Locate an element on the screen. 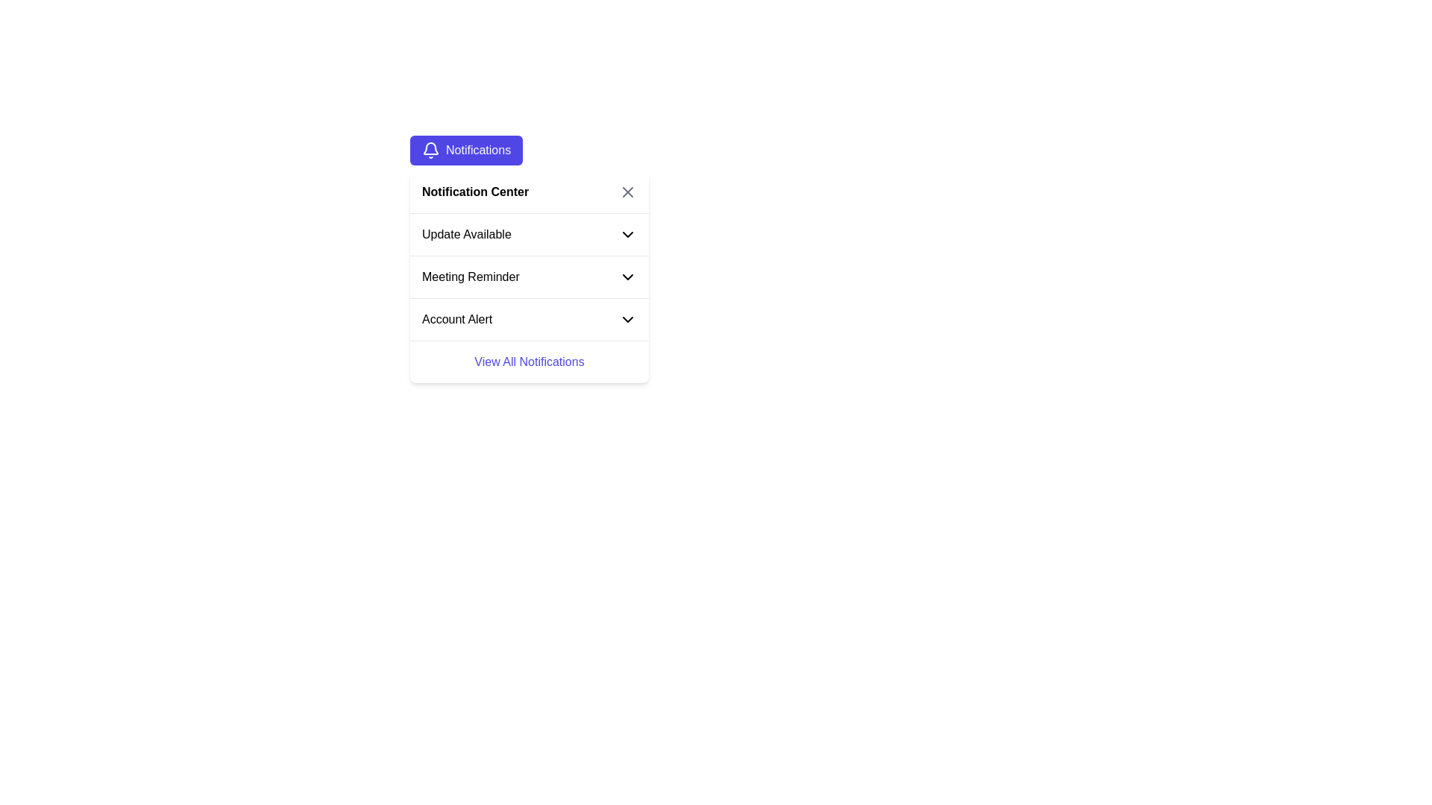 Image resolution: width=1432 pixels, height=805 pixels. the static text element displaying 'Account Alert' in bold black font within the notification dropdown menu is located at coordinates (456, 318).